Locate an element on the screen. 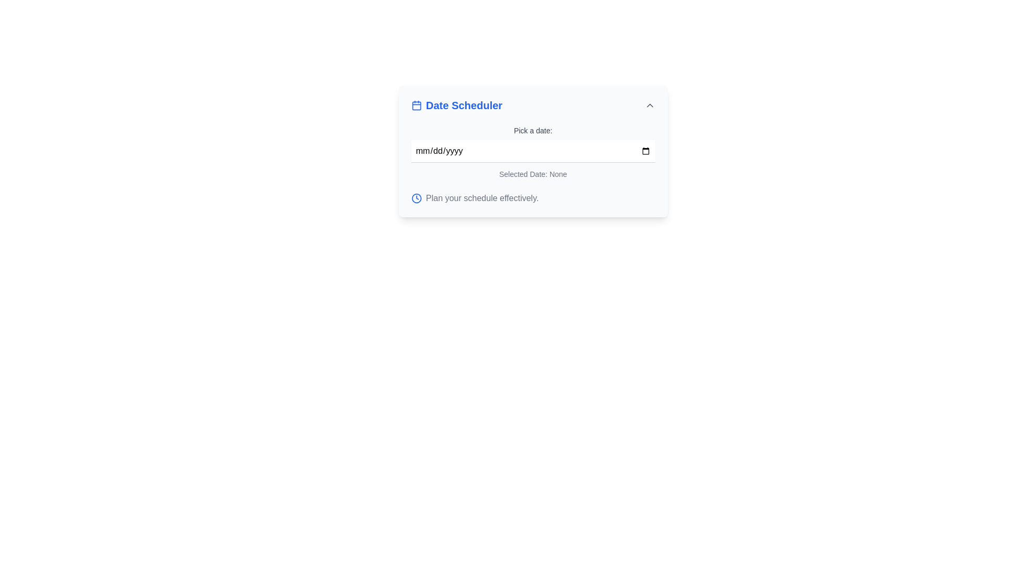 The height and width of the screenshot is (567, 1009). the circular clock icon with a blue border located to the left of the text 'Plan your schedule effectively.' and below the 'Selected Date: None' label is located at coordinates (416, 198).